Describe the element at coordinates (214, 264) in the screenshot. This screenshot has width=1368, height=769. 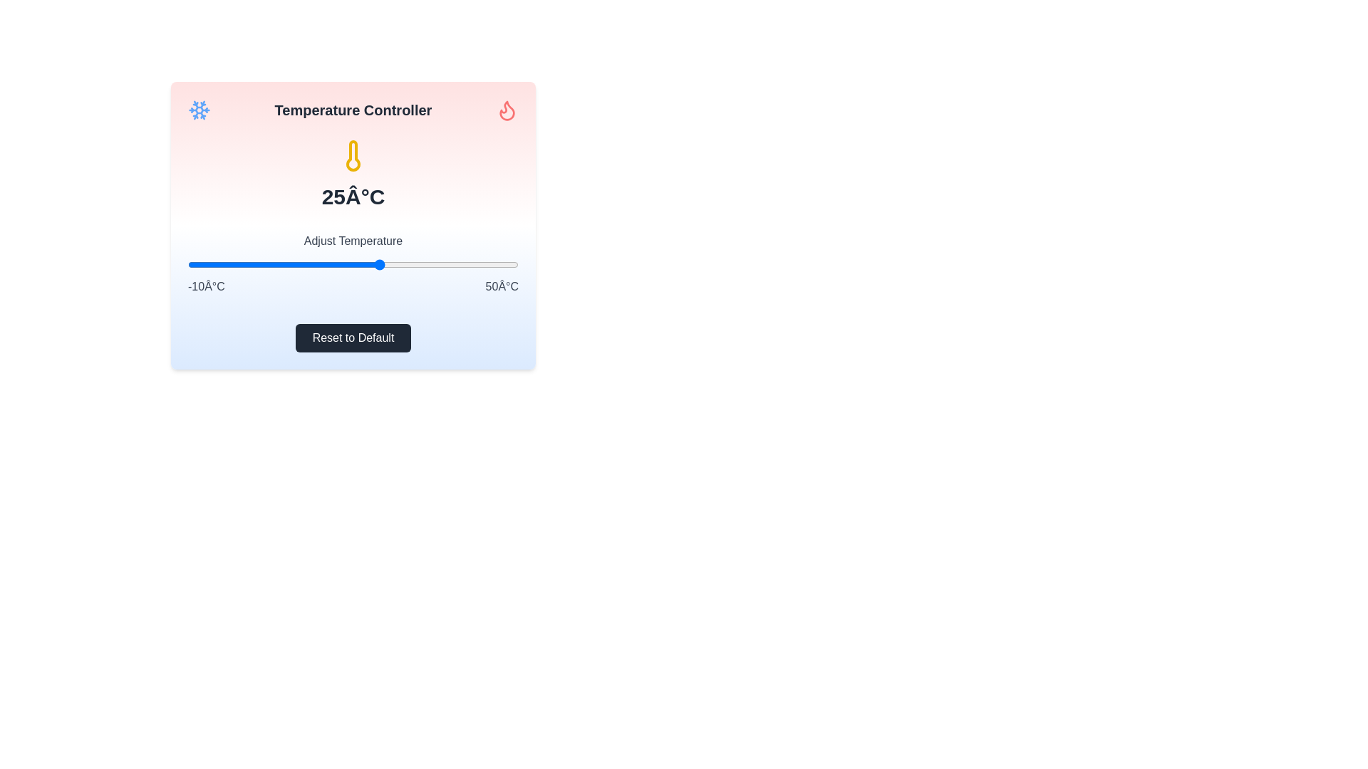
I see `the temperature slider to set the temperature to -5°C` at that location.